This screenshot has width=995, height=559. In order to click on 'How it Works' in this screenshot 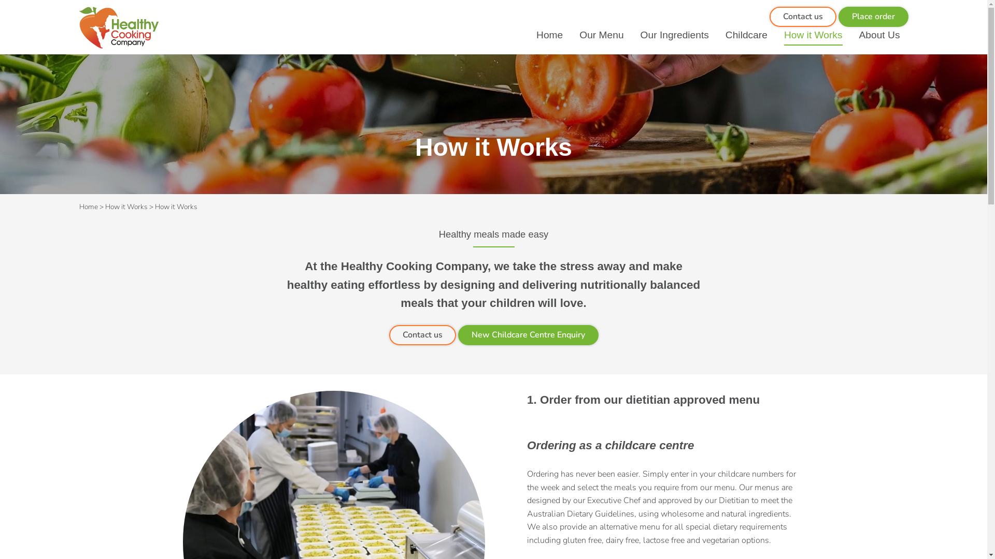, I will do `click(125, 207)`.